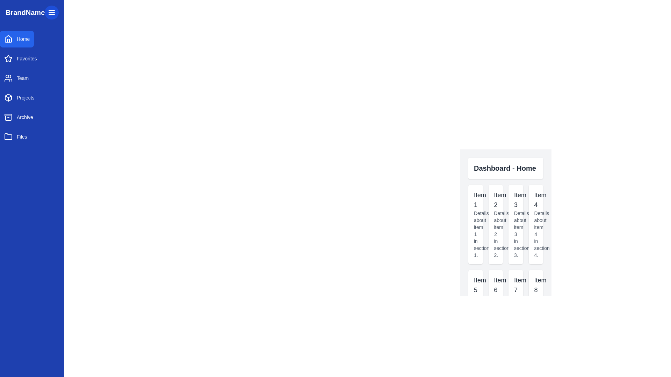 This screenshot has width=671, height=377. What do you see at coordinates (475, 285) in the screenshot?
I see `the text label element displaying 'Item 5', which is prominently styled and positioned at the top of a card in the bottom row of a grid layout` at bounding box center [475, 285].